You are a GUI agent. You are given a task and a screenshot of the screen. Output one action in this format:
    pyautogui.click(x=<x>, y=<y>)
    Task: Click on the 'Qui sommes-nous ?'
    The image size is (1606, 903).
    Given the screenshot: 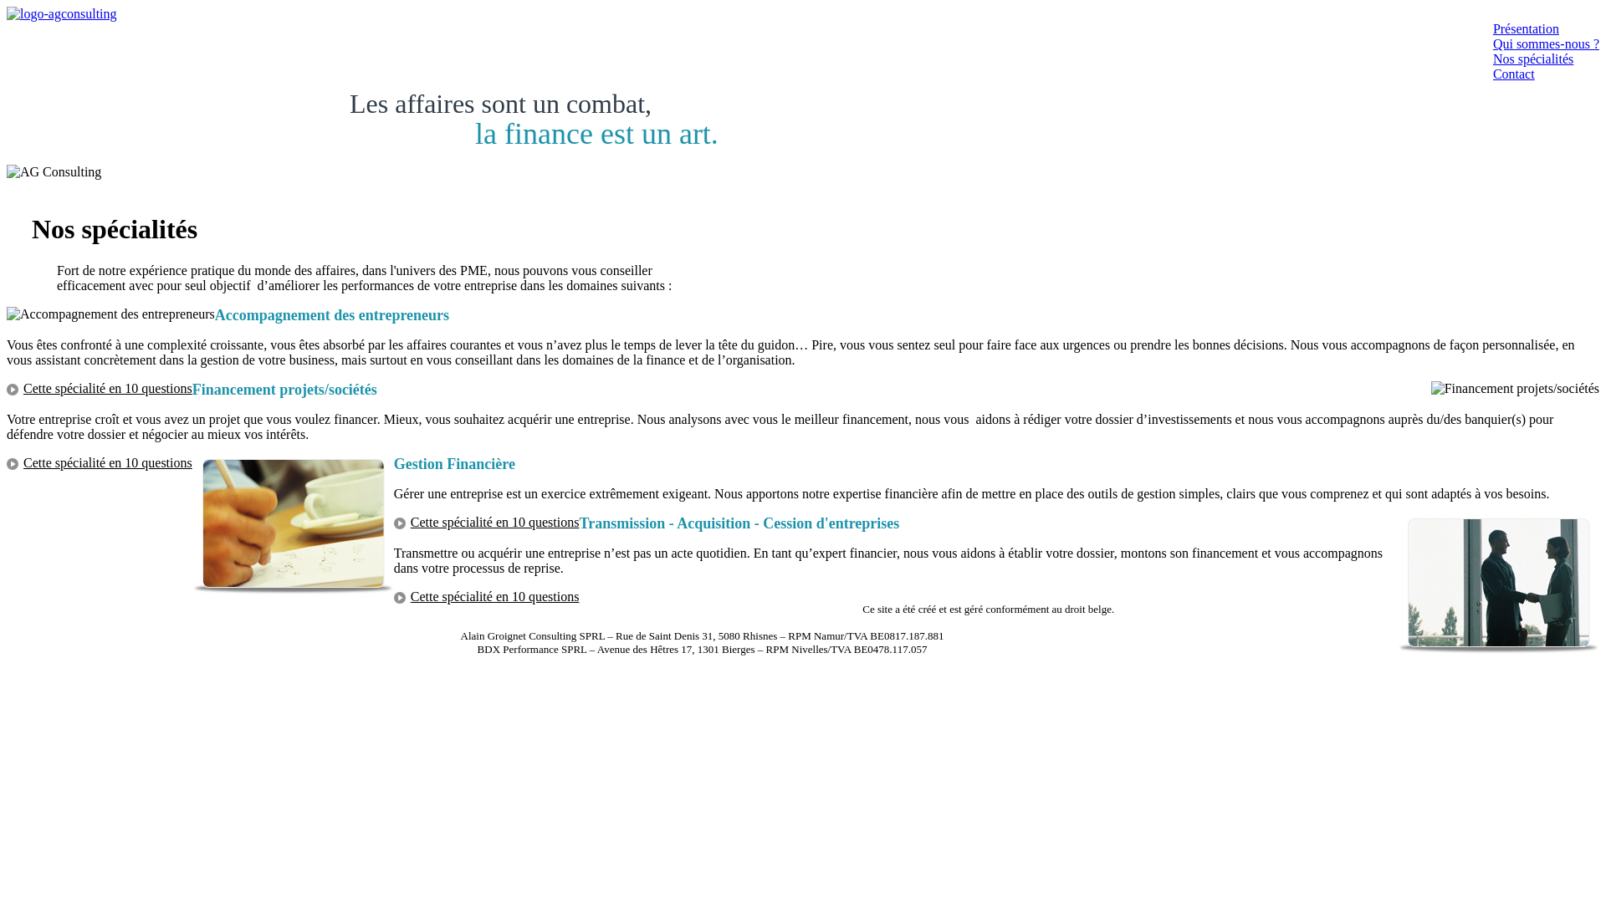 What is the action you would take?
    pyautogui.click(x=1545, y=43)
    